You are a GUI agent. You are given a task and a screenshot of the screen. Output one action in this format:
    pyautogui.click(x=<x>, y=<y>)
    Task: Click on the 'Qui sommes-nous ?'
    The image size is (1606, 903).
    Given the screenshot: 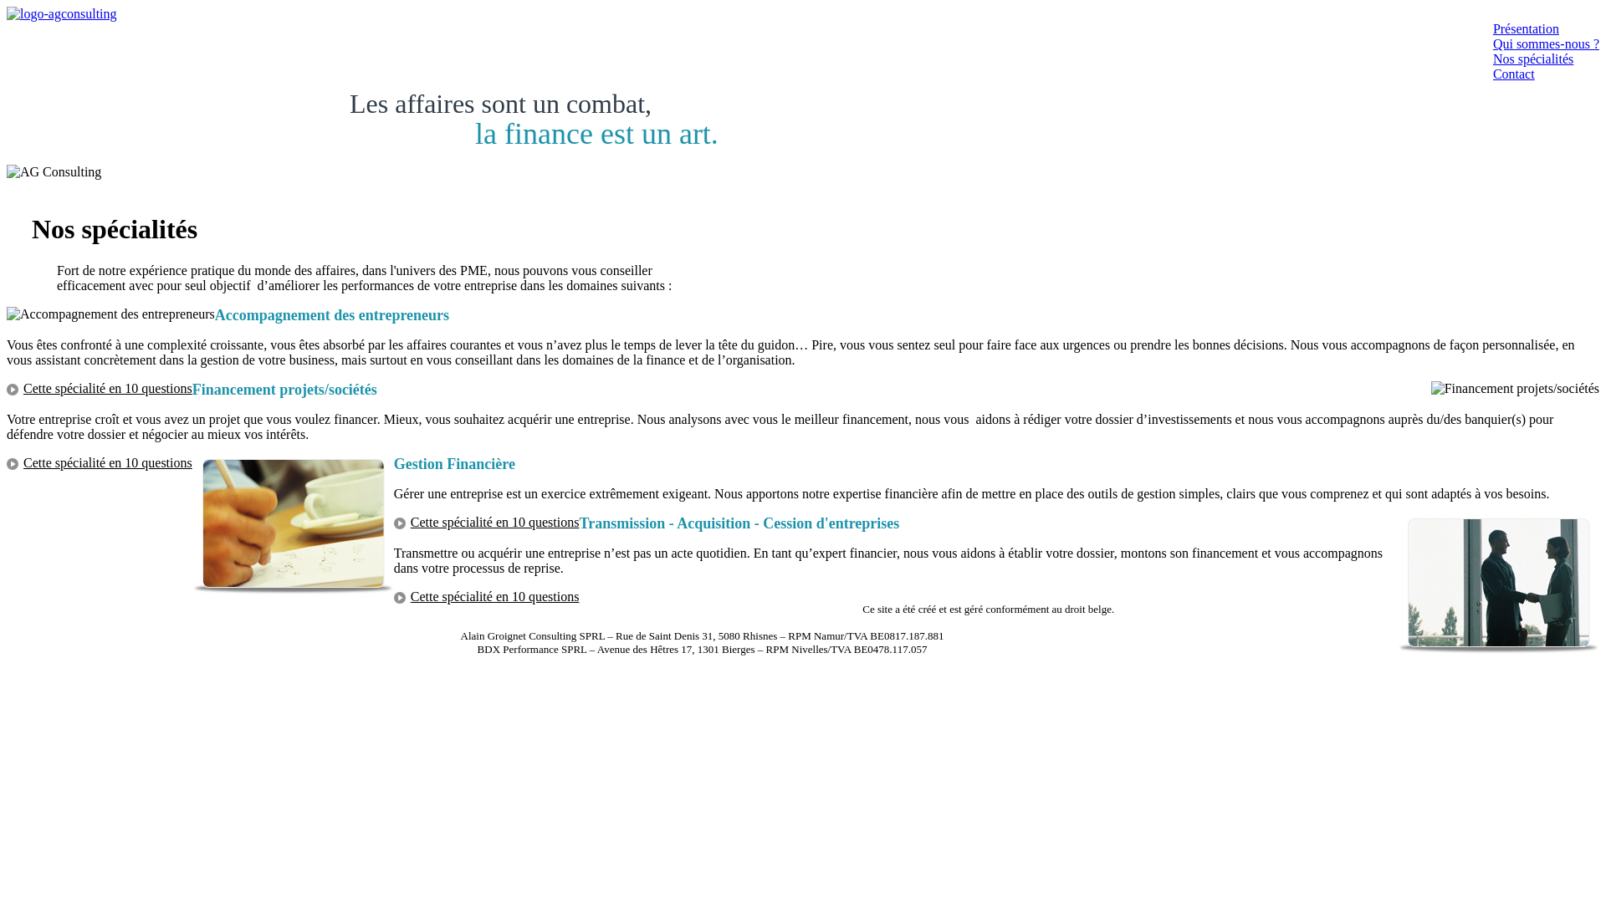 What is the action you would take?
    pyautogui.click(x=1545, y=43)
    